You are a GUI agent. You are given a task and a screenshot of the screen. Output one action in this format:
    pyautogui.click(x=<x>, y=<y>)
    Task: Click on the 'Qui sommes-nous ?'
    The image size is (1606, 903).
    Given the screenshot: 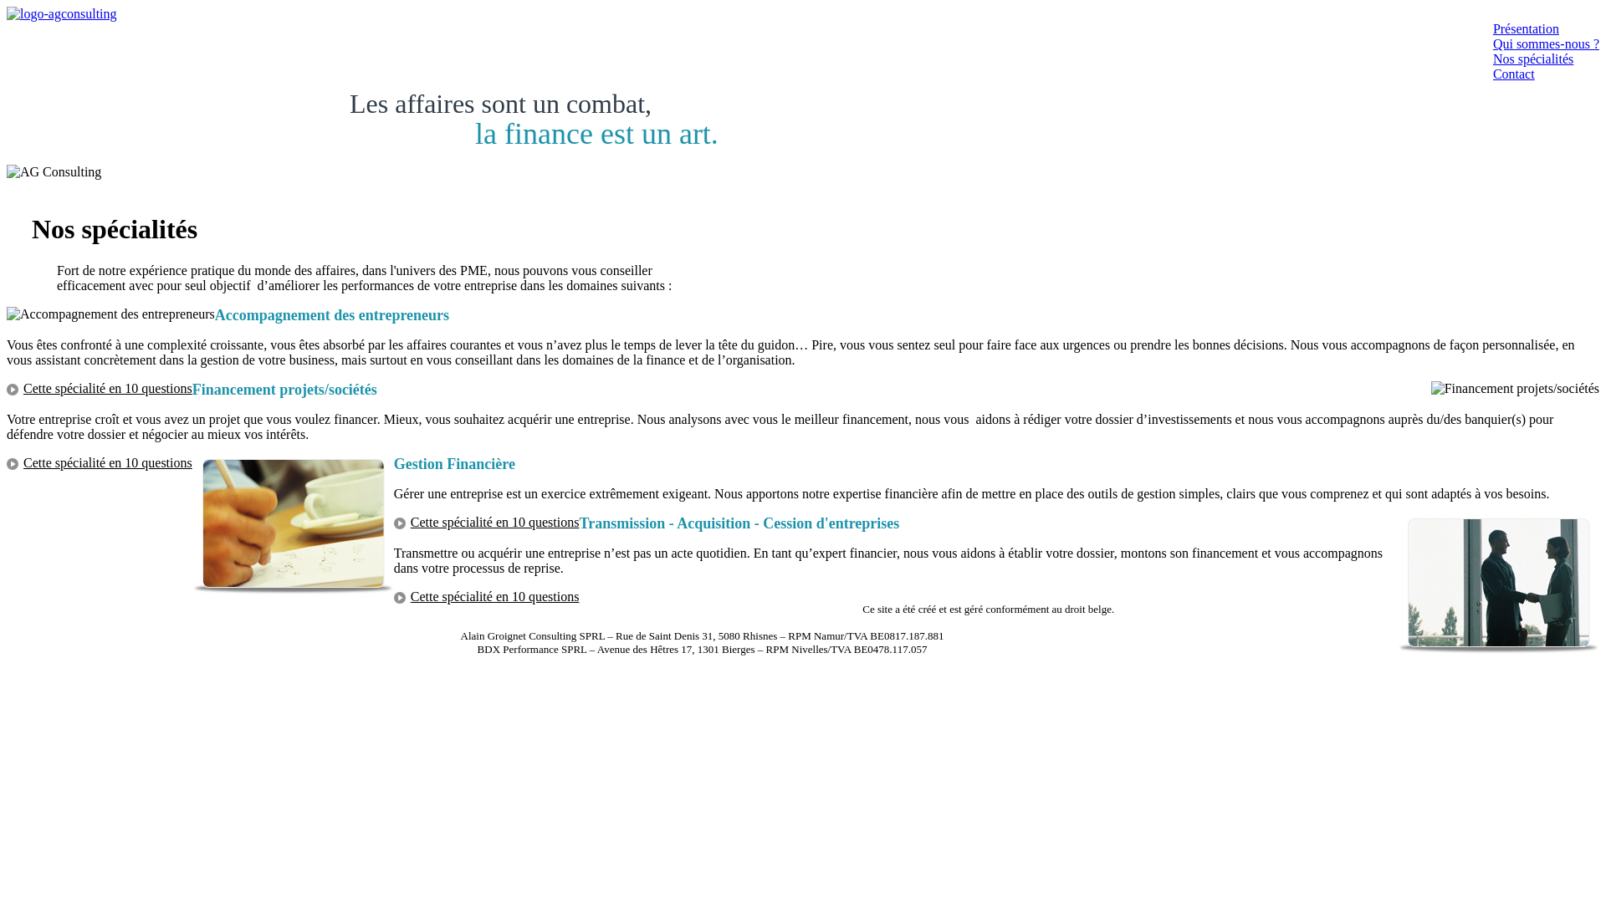 What is the action you would take?
    pyautogui.click(x=1545, y=43)
    